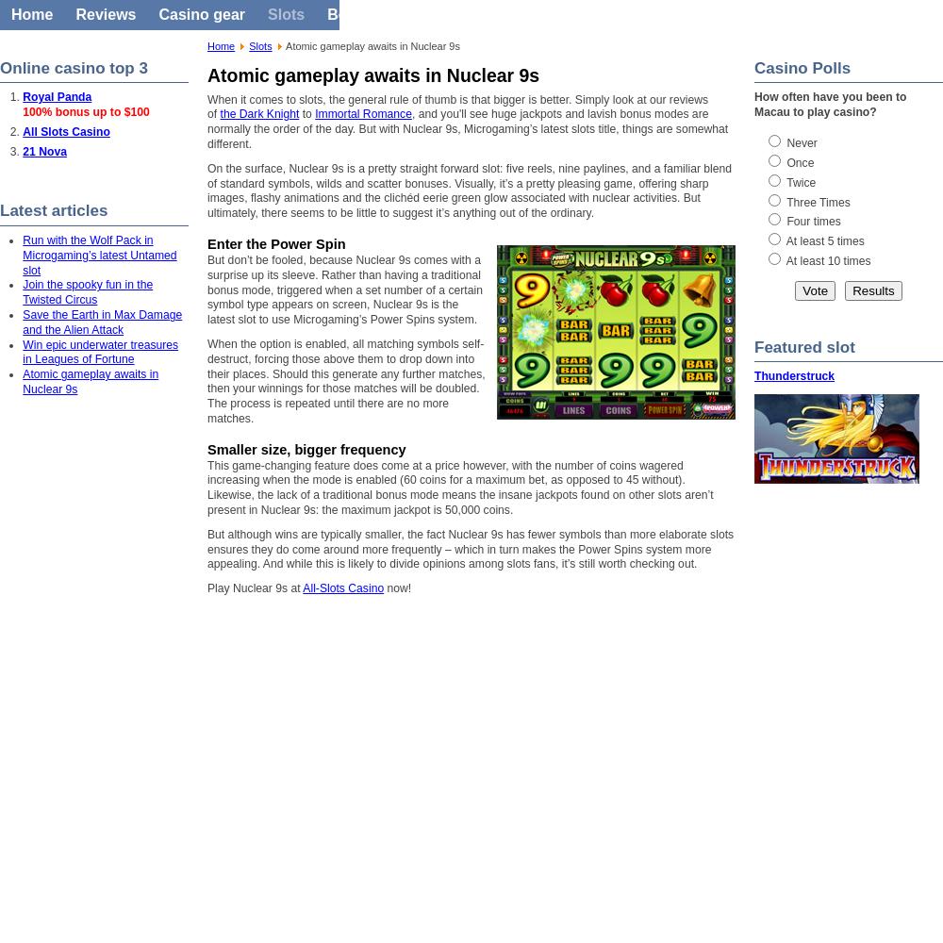 The height and width of the screenshot is (943, 943). Describe the element at coordinates (85, 111) in the screenshot. I see `'100% bonus up to $100'` at that location.